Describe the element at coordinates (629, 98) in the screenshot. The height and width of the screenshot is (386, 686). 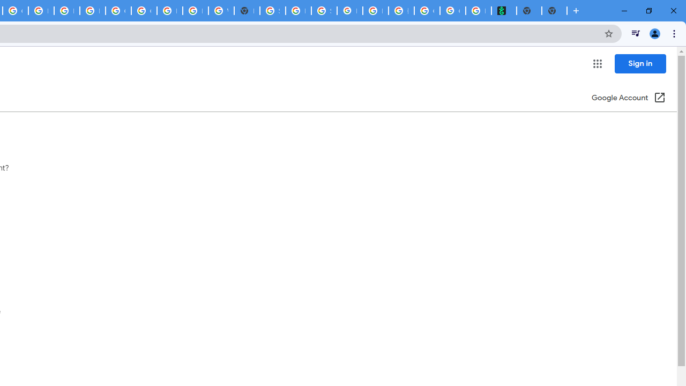
I see `'Google Account (Open in a new window)'` at that location.